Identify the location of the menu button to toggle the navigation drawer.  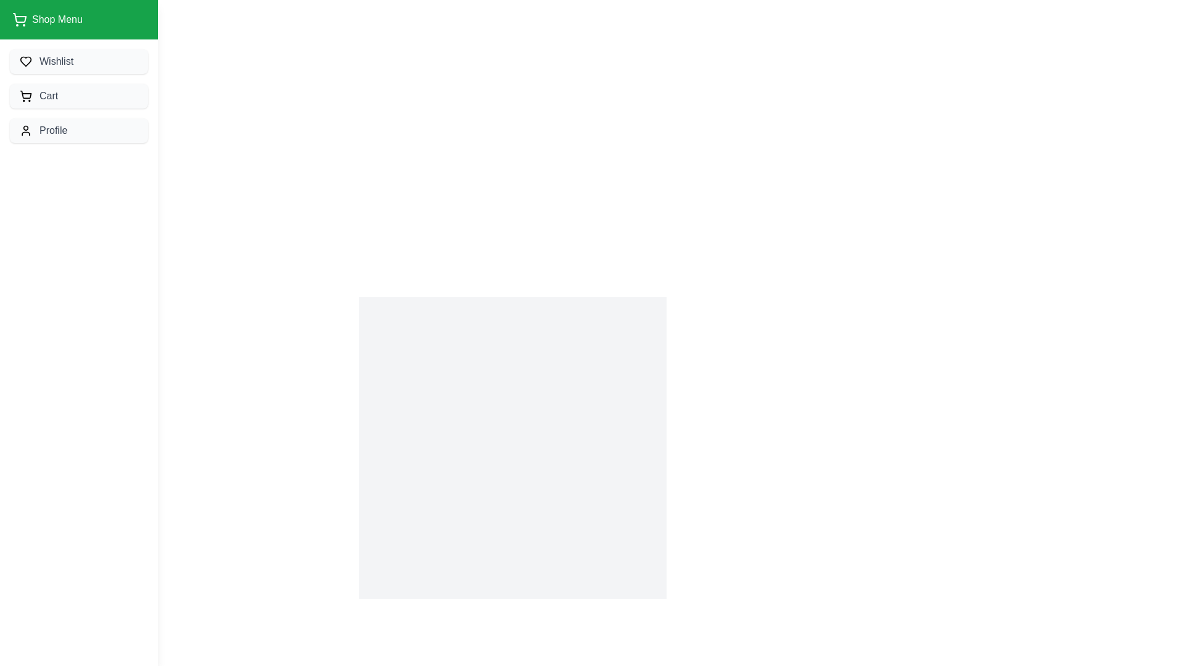
(30, 31).